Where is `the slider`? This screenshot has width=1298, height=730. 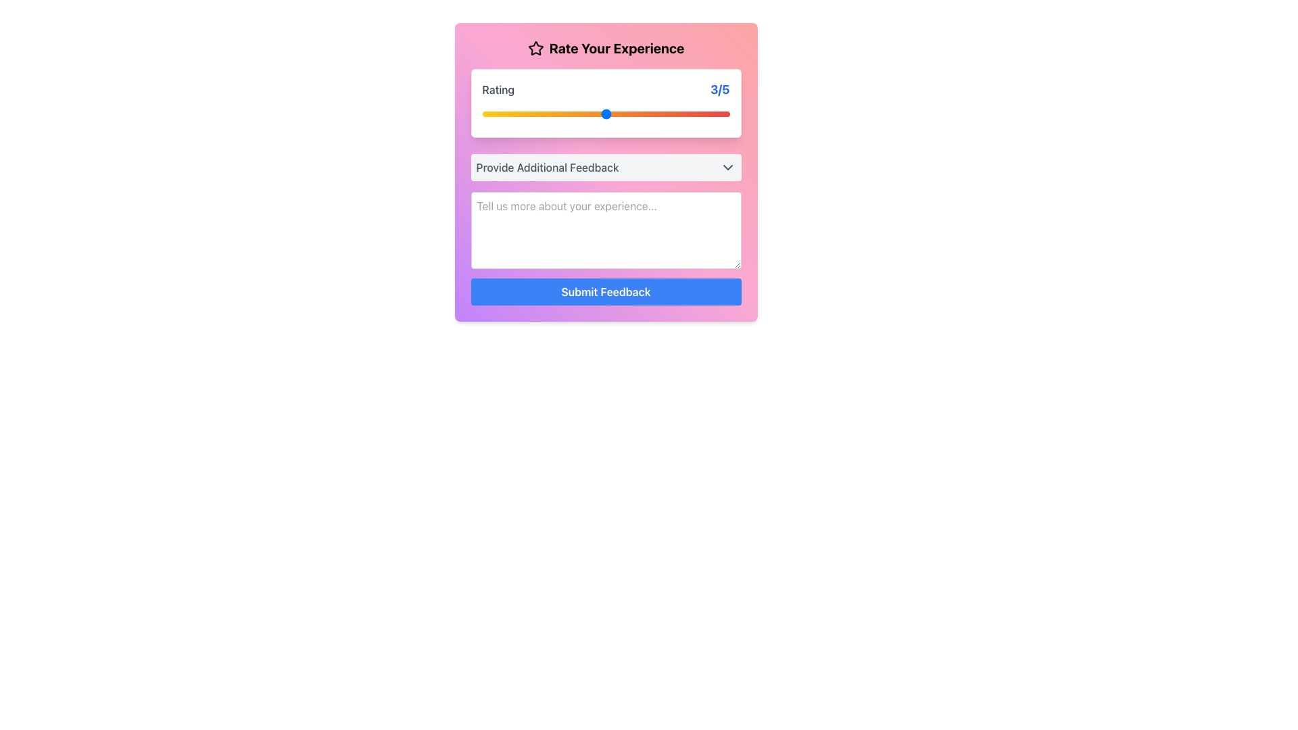
the slider is located at coordinates (605, 114).